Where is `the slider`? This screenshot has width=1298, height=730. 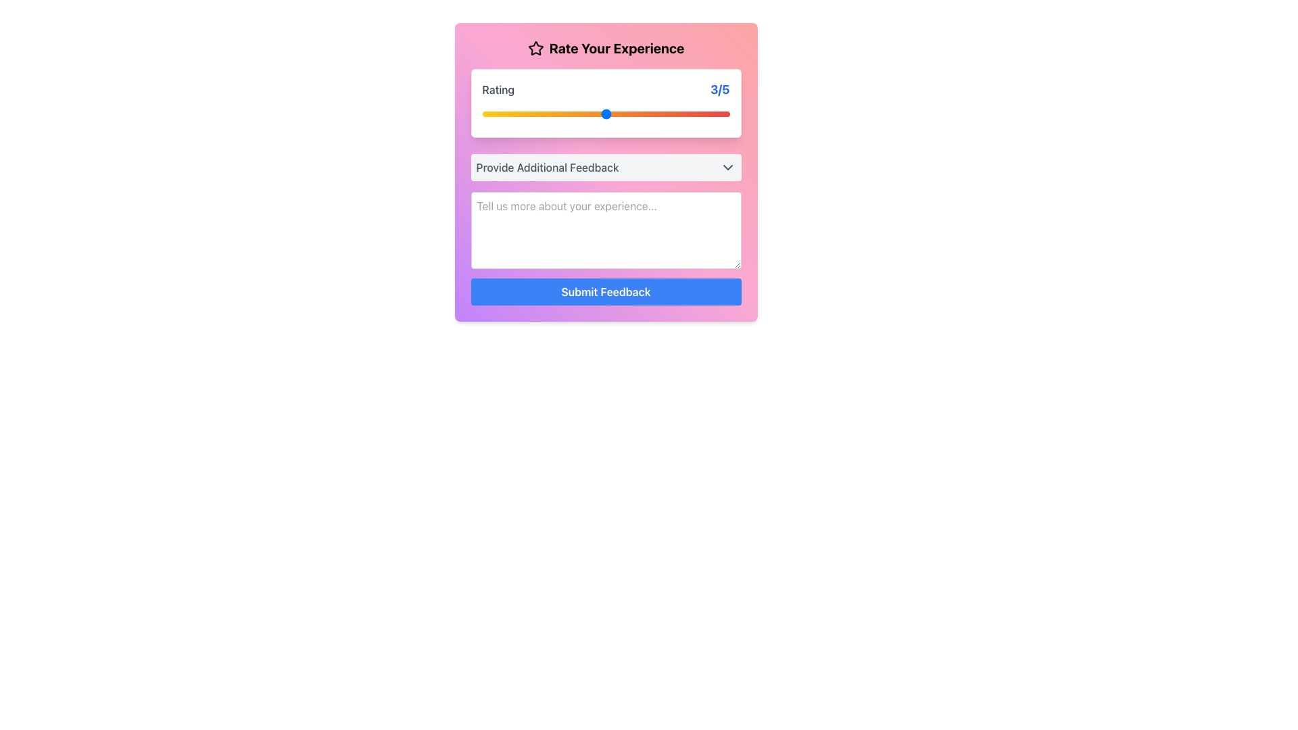
the slider is located at coordinates (605, 114).